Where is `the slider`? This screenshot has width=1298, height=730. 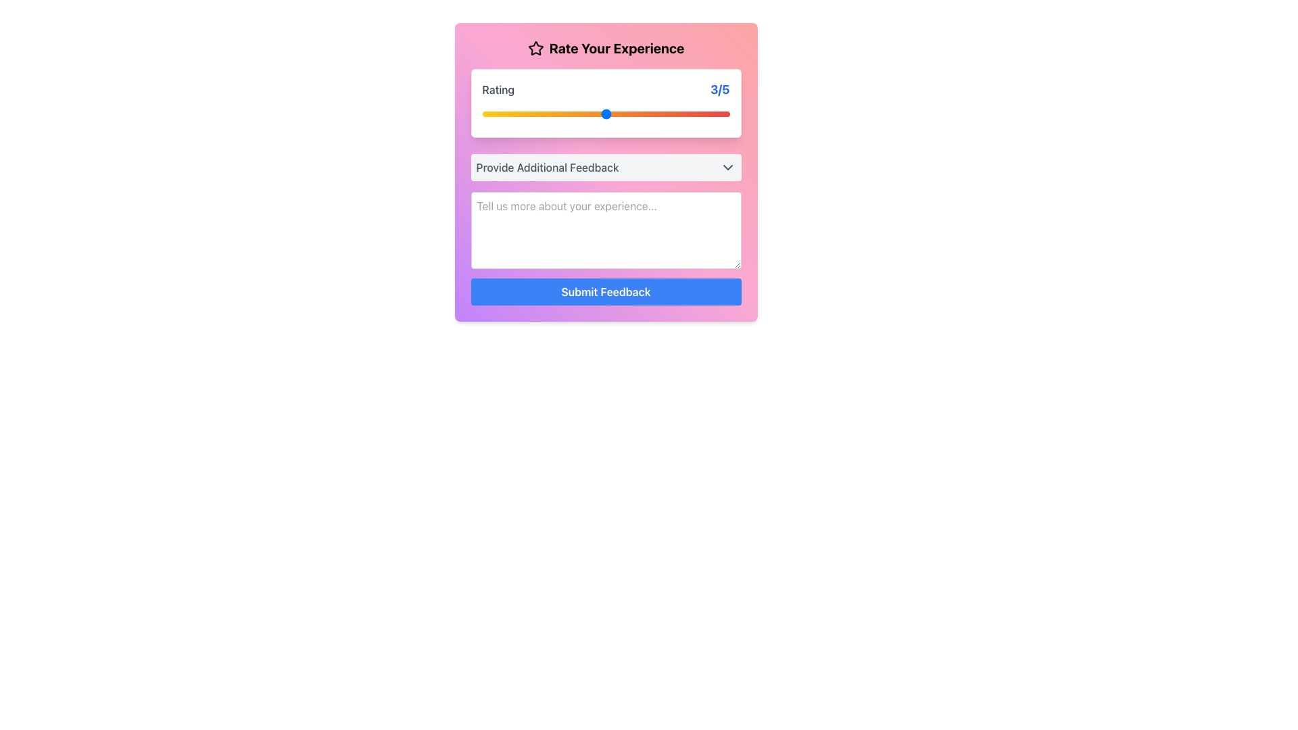
the slider is located at coordinates (605, 114).